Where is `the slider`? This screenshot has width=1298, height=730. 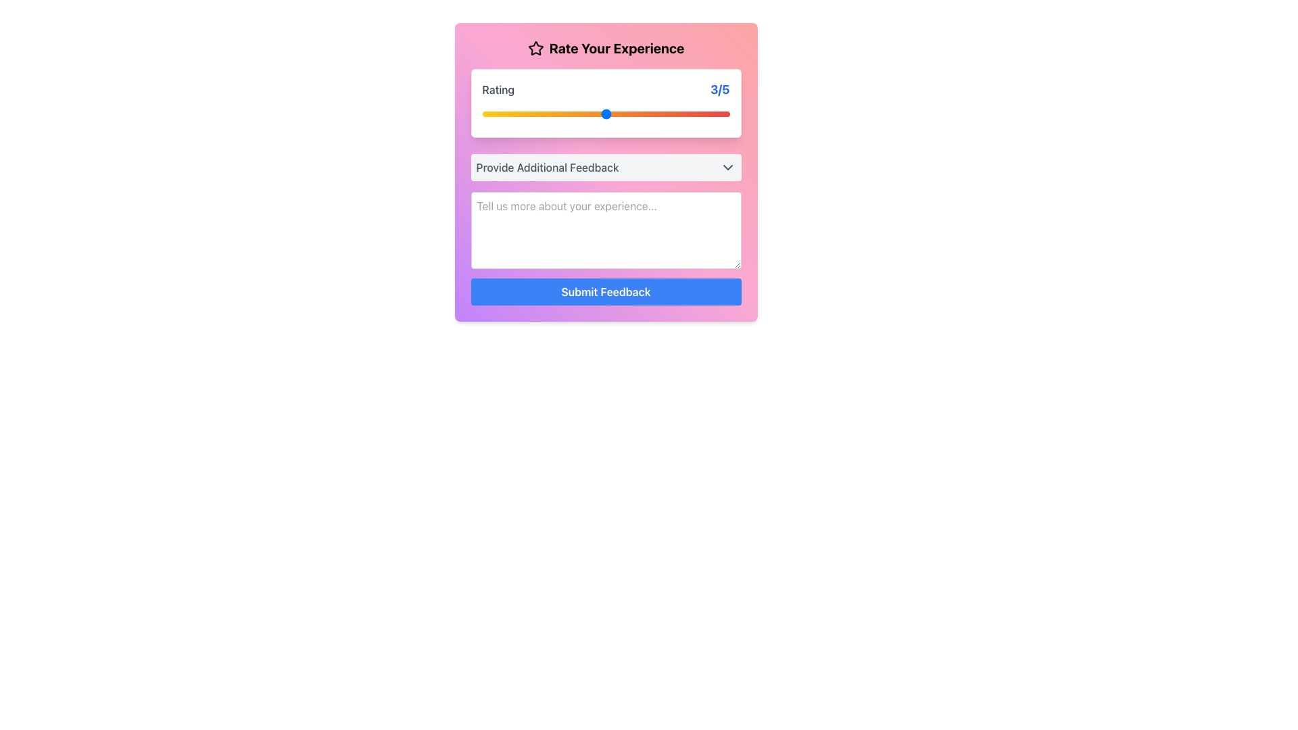
the slider is located at coordinates (605, 114).